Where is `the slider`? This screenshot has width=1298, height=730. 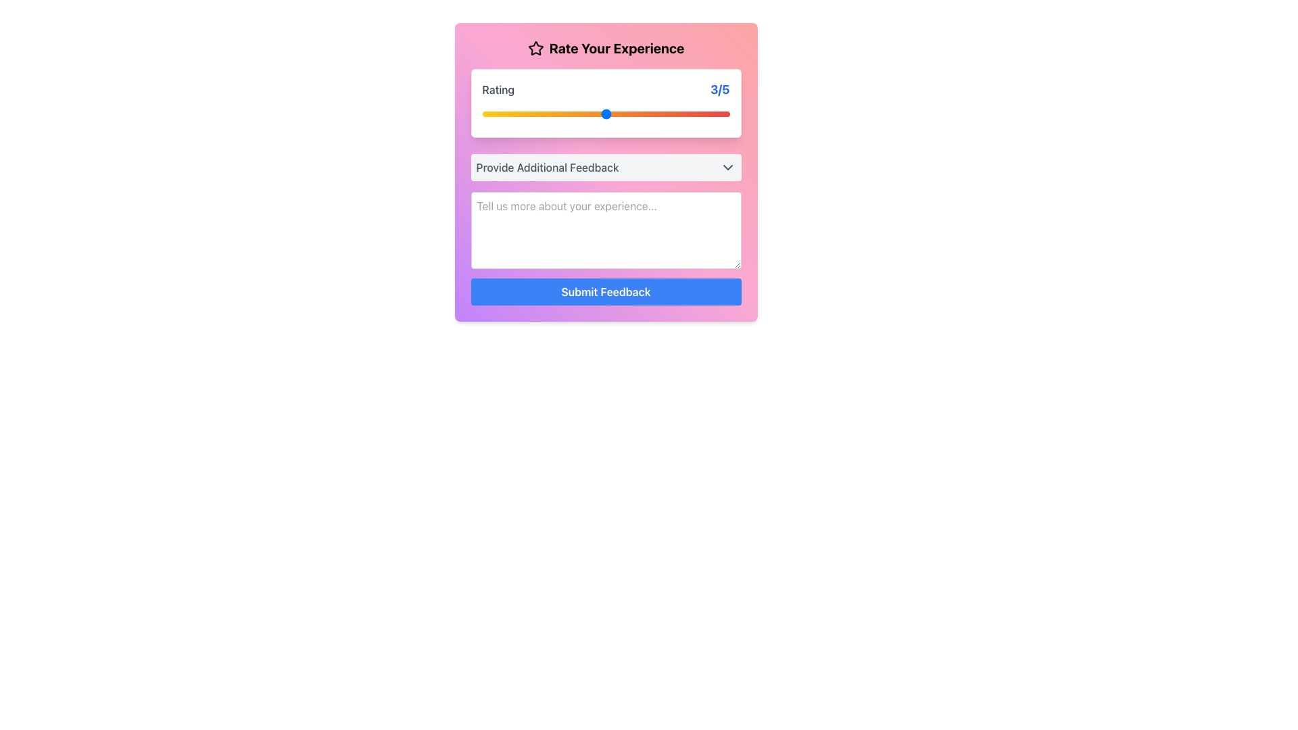
the slider is located at coordinates (605, 114).